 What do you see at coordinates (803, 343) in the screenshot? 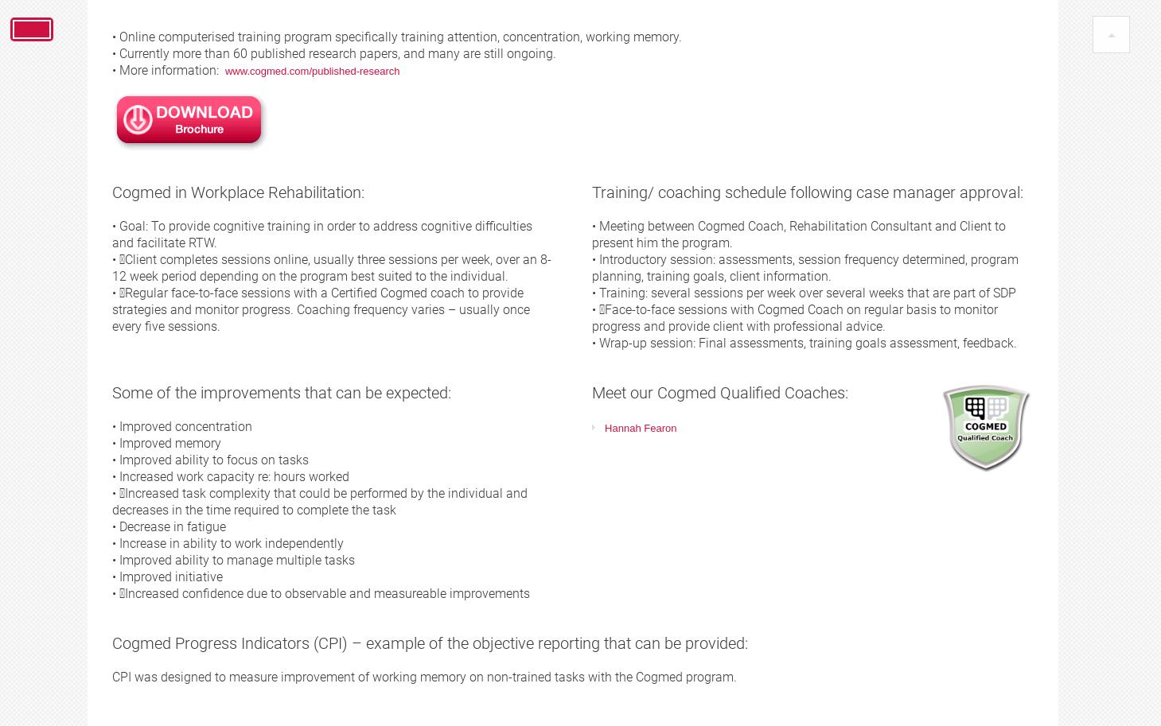
I see `'• Wrap-up session: Final assessments, training goals assessment, feedback.'` at bounding box center [803, 343].